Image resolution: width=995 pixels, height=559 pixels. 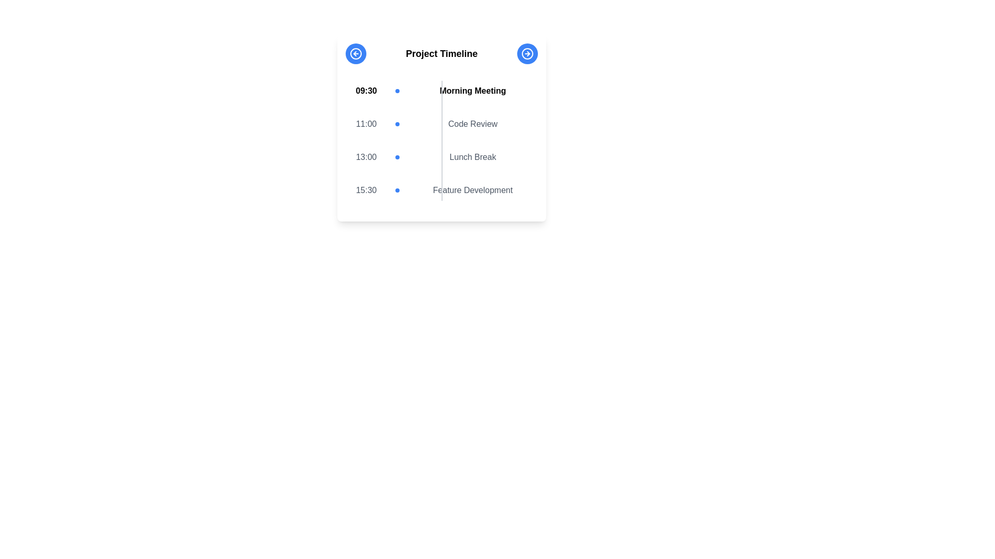 I want to click on the header text labeled 'Project Timeline', which is bold and medium-sized, located at the top of a card-like area, centered along the top edge, flanked by two circular blue buttons, so click(x=442, y=54).